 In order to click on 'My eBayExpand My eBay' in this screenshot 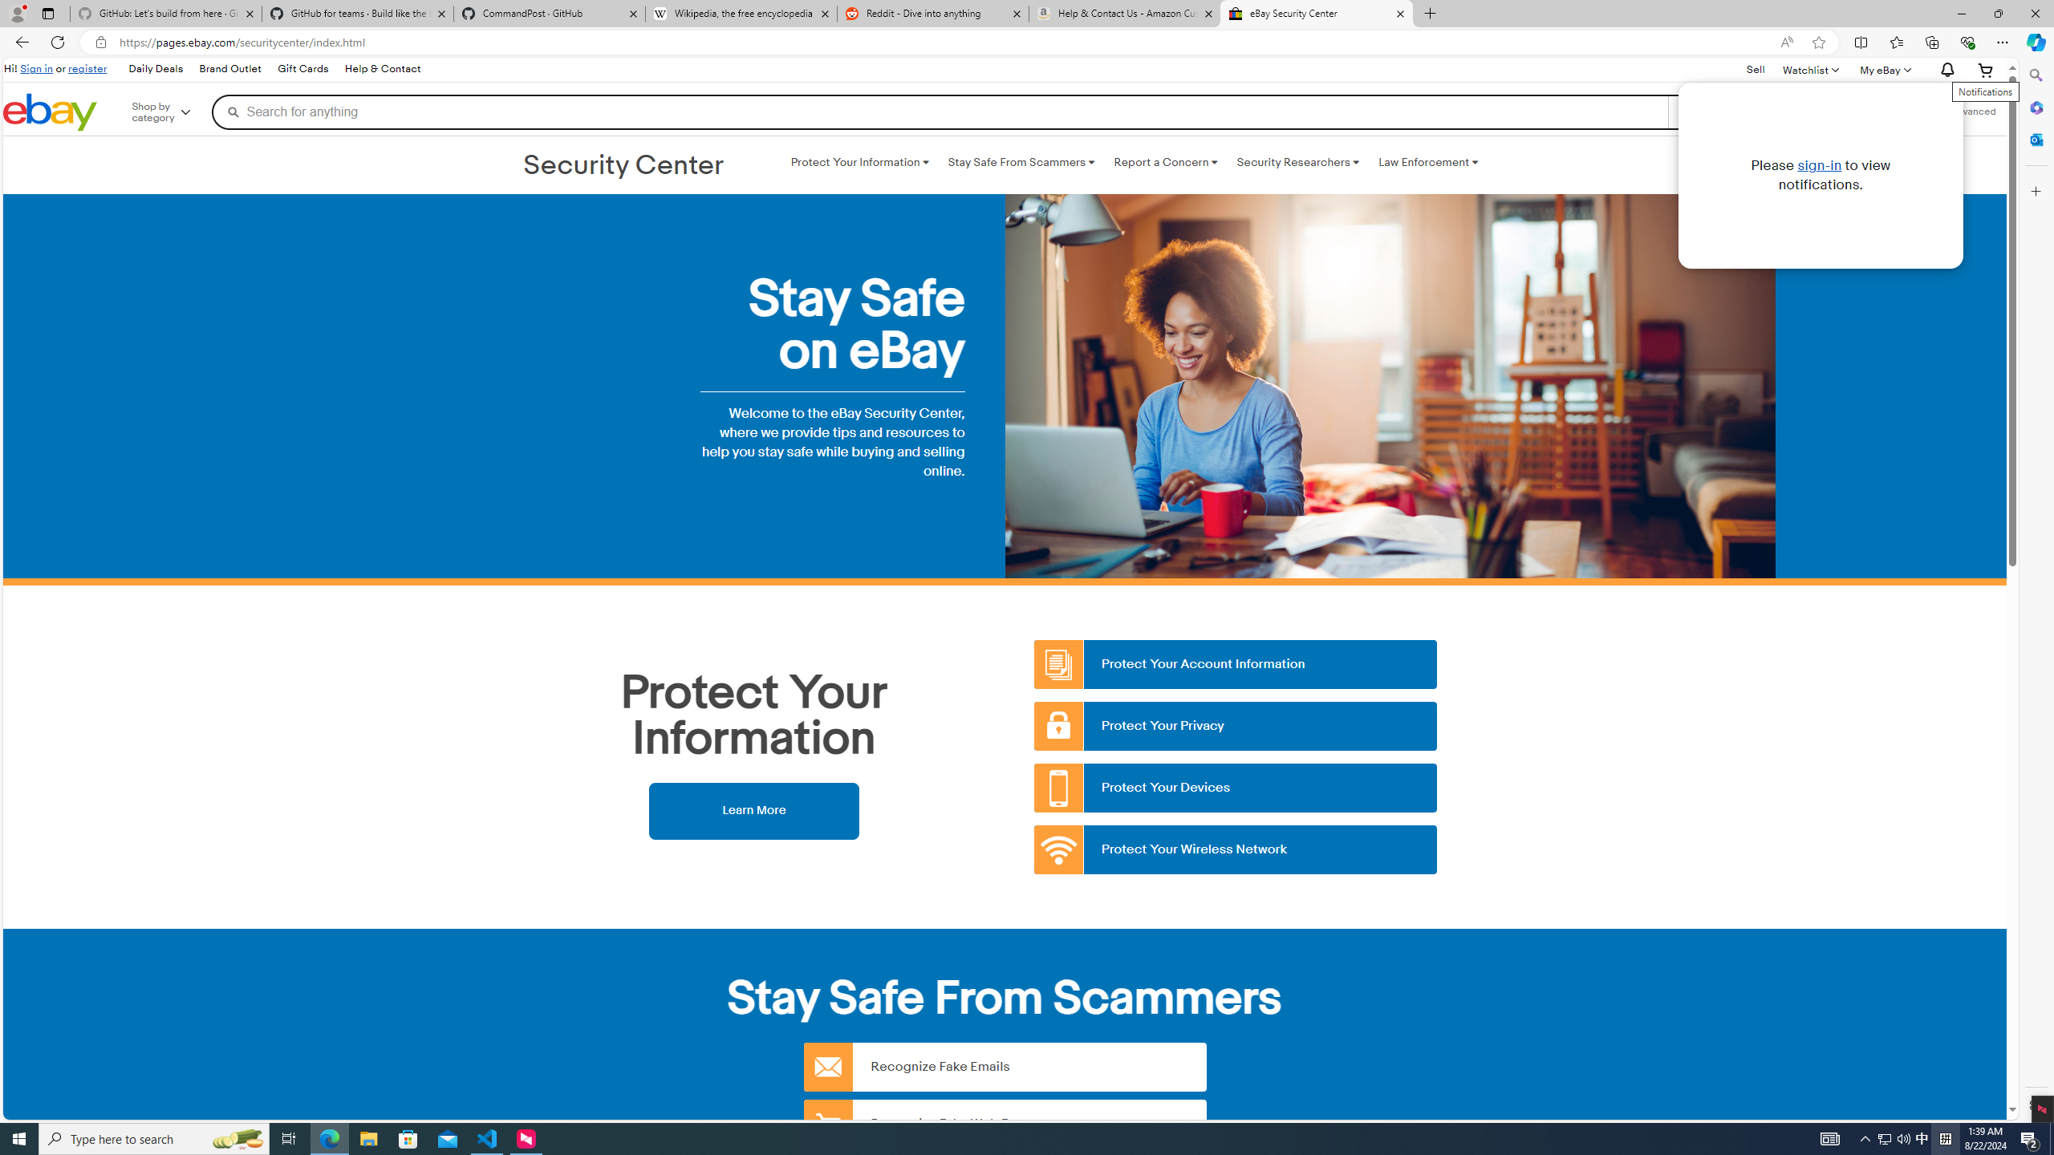, I will do `click(1884, 70)`.